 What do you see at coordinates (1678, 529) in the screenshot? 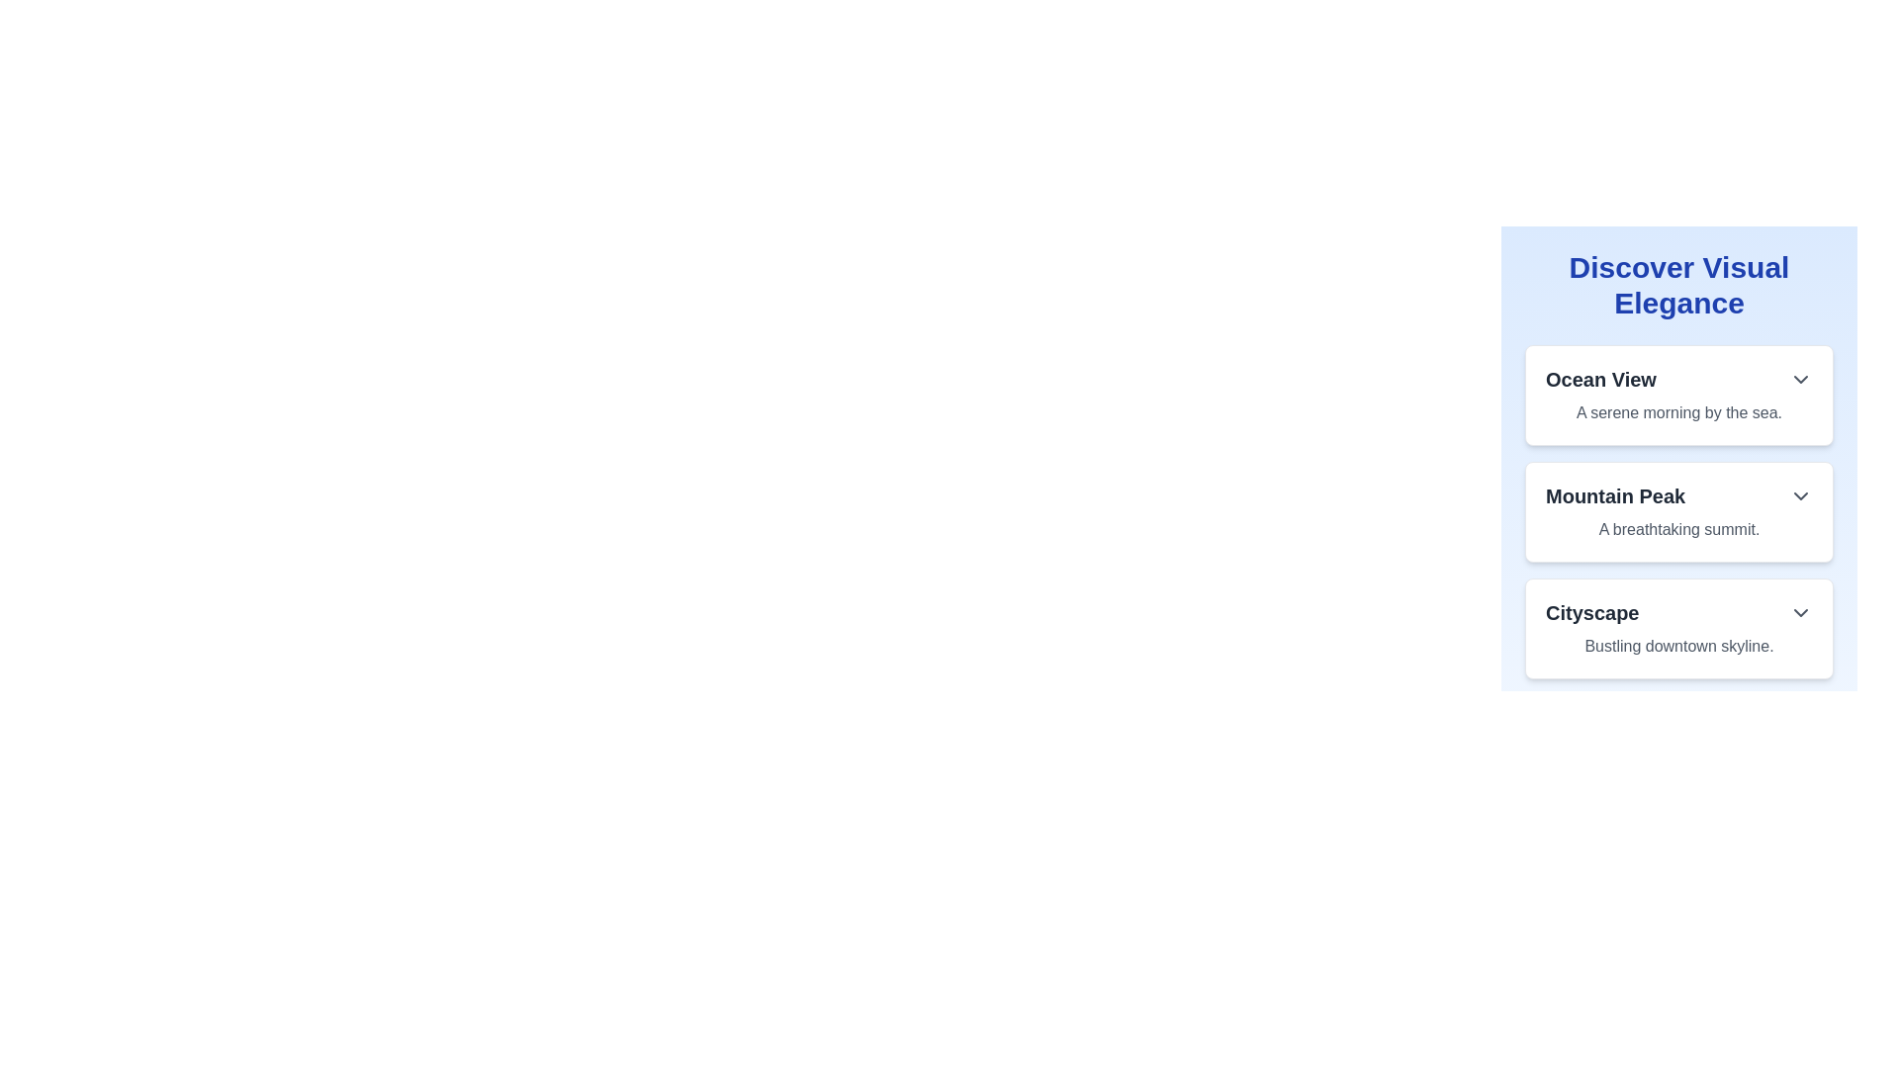
I see `the descriptive text located at the bottom of the card that provides additional information about the 'Mountain Peak' heading` at bounding box center [1678, 529].